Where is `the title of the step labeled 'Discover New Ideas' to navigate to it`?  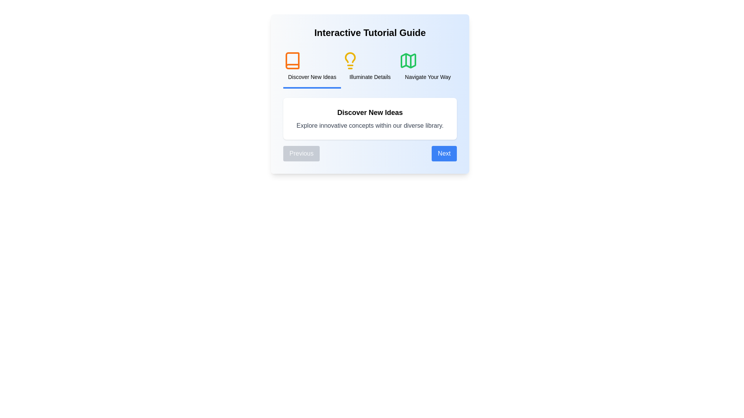
the title of the step labeled 'Discover New Ideas' to navigate to it is located at coordinates (312, 67).